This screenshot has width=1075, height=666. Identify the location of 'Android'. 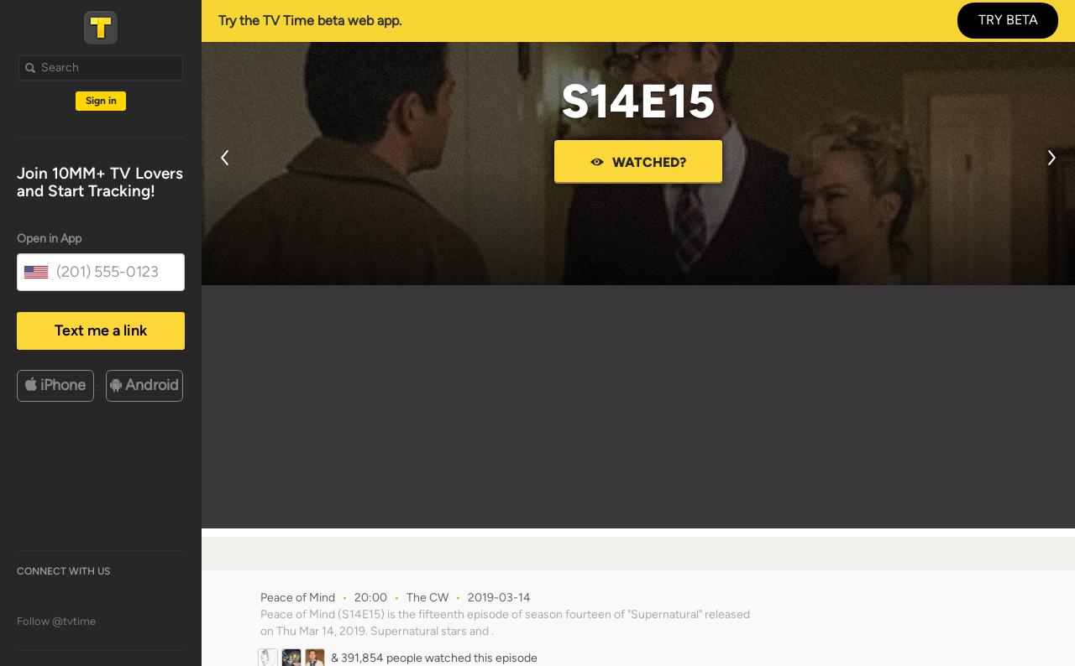
(151, 383).